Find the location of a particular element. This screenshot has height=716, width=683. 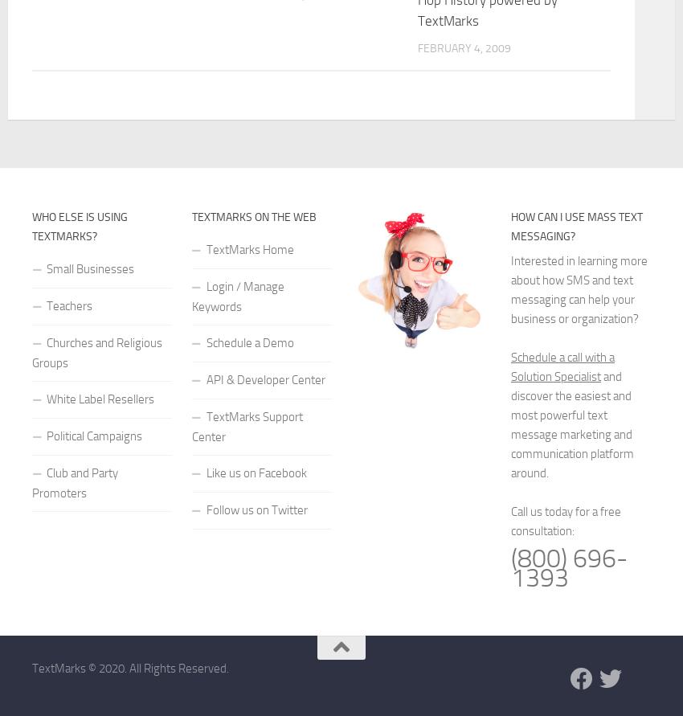

'Teachers' is located at coordinates (68, 305).